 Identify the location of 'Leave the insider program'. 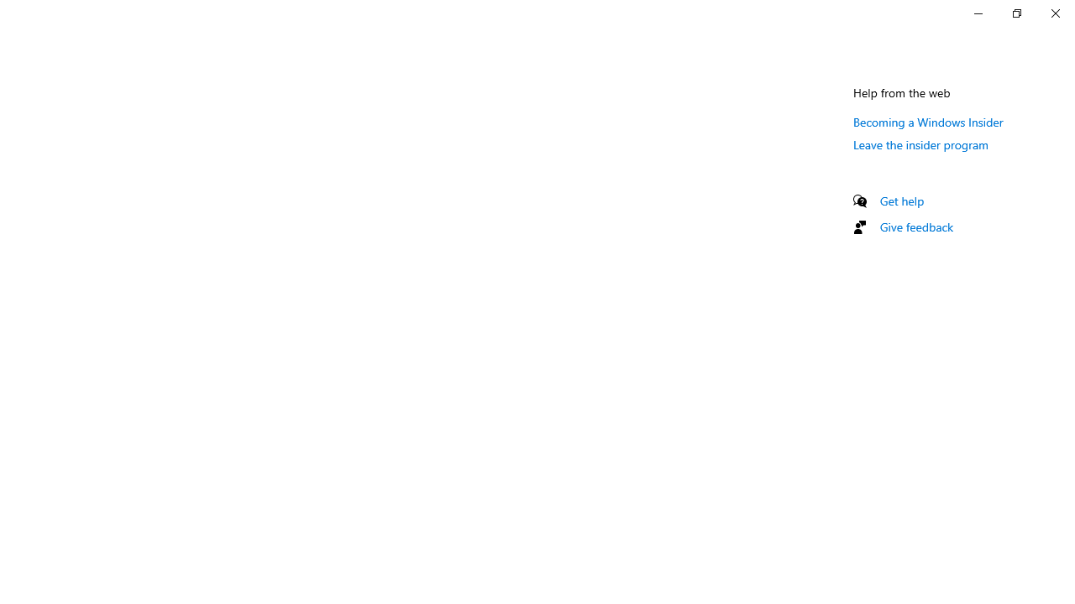
(920, 143).